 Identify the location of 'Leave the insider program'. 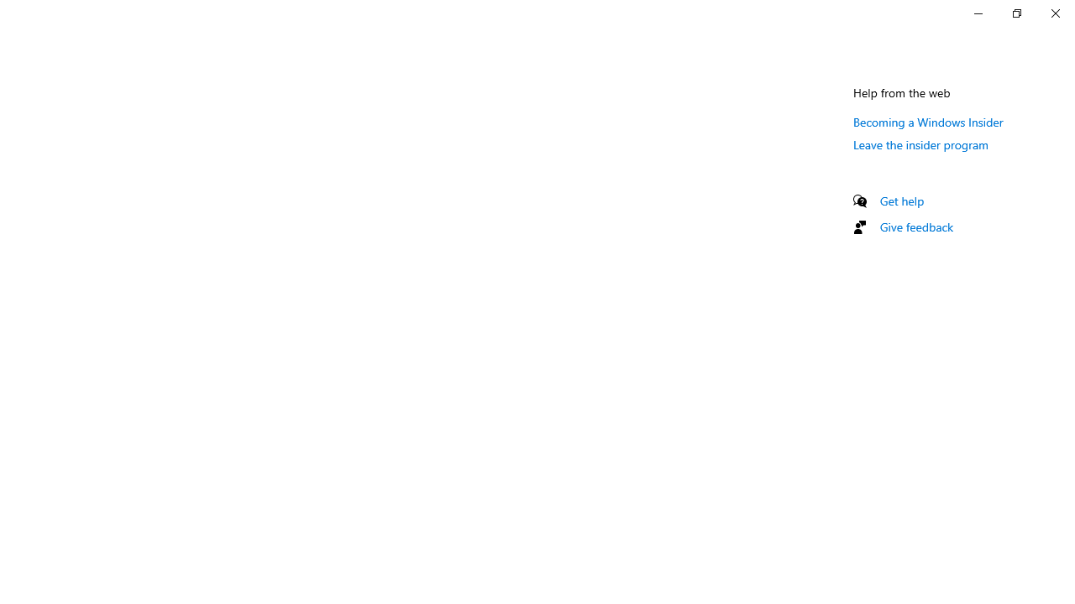
(920, 143).